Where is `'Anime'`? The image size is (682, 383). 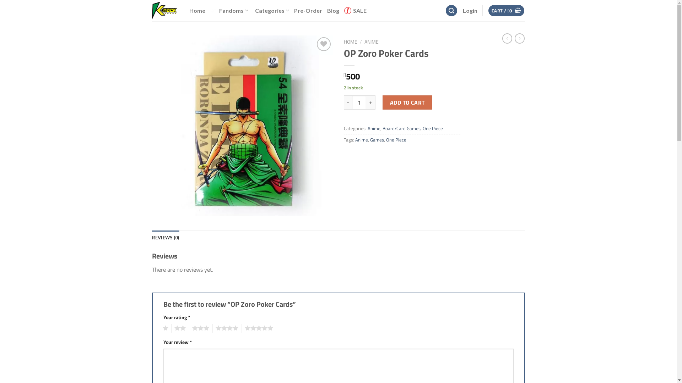 'Anime' is located at coordinates (367, 128).